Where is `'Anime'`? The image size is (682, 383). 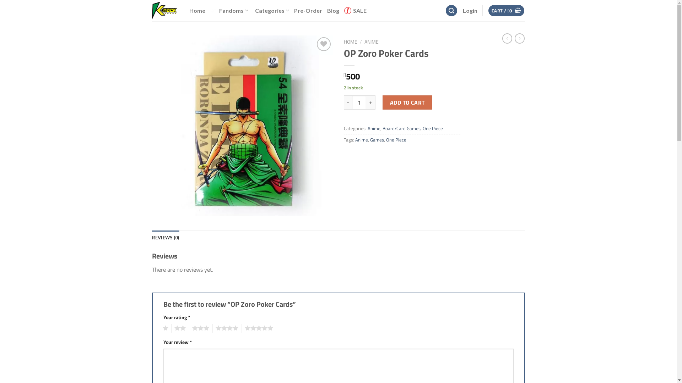 'Anime' is located at coordinates (367, 128).